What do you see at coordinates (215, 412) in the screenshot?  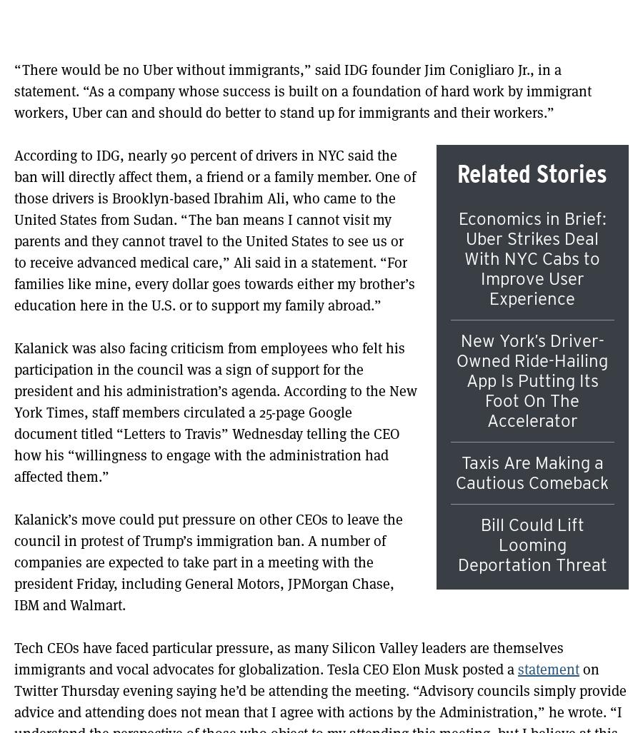 I see `'Kalanick was also facing criticism from employees who felt his participation in the council was a sign of support for the president and his administration’s agenda. According to the New York Times, staff members circulated a 25-page Google document titled “Letters to Travis” Wednesday telling the CEO how his “willingness to engage with the administration had affected them.”'` at bounding box center [215, 412].